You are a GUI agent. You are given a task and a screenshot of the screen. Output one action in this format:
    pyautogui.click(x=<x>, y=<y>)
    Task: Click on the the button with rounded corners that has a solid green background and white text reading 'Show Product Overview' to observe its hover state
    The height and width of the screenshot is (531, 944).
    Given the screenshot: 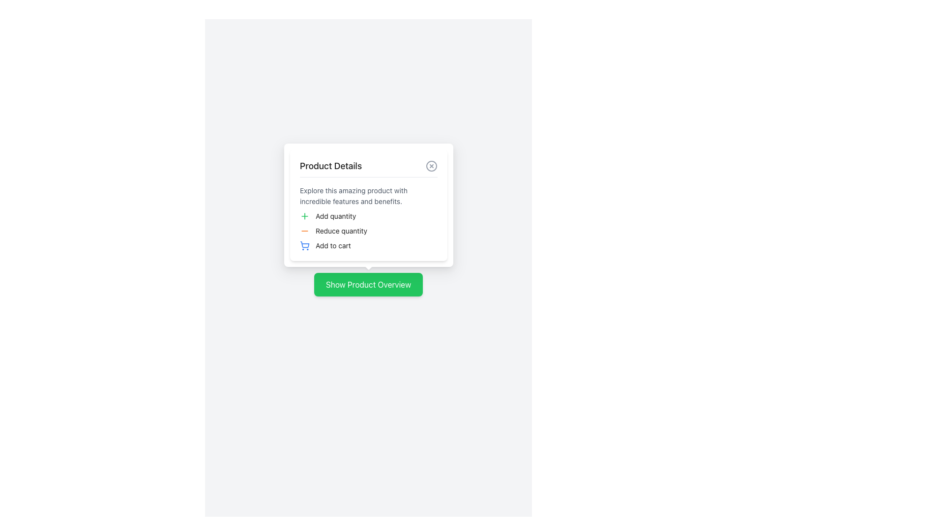 What is the action you would take?
    pyautogui.click(x=368, y=284)
    